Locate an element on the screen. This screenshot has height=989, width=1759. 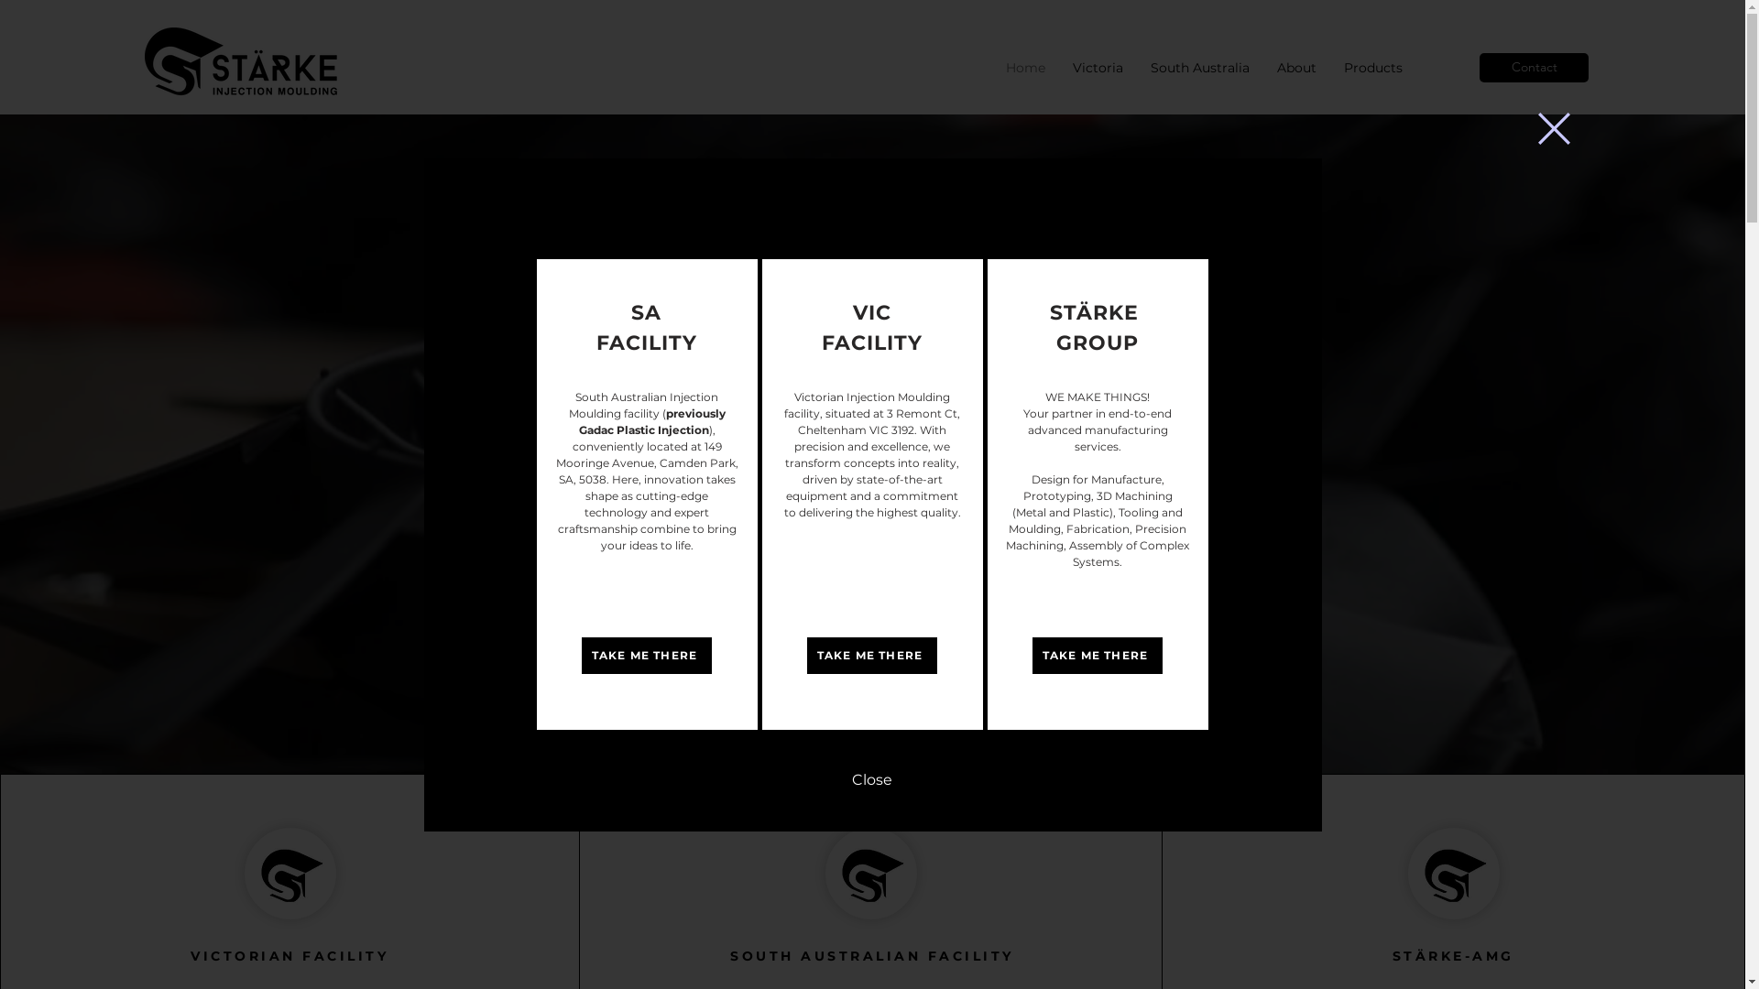
'About' is located at coordinates (1295, 66).